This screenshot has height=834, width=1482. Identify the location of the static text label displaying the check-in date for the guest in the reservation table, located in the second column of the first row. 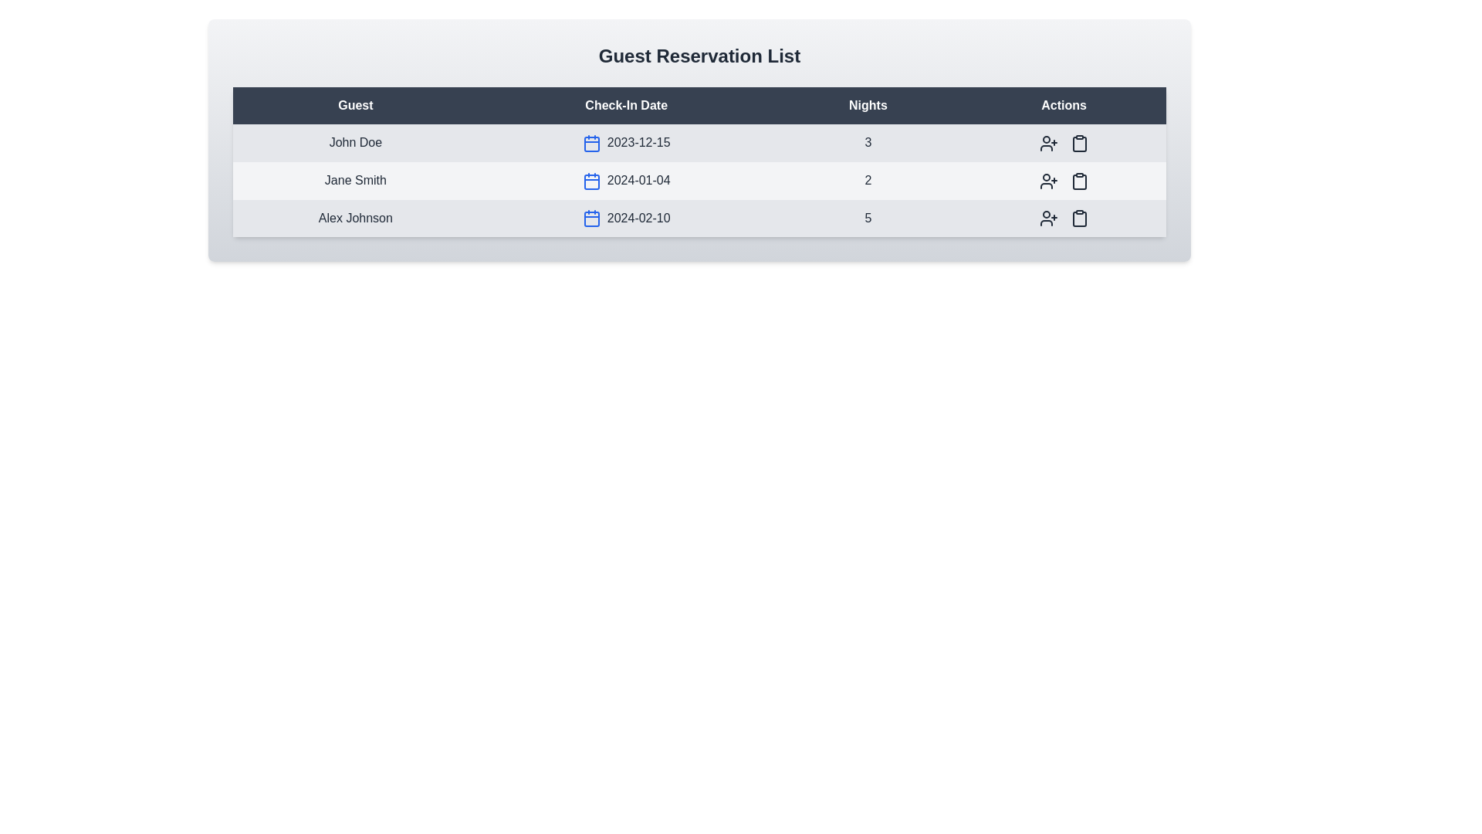
(626, 143).